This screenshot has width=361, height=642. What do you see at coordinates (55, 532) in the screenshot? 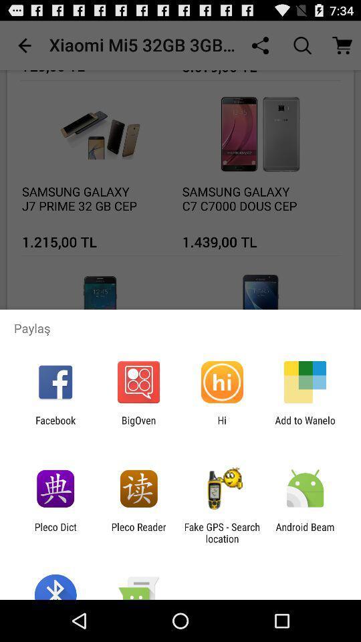
I see `the pleco dict` at bounding box center [55, 532].